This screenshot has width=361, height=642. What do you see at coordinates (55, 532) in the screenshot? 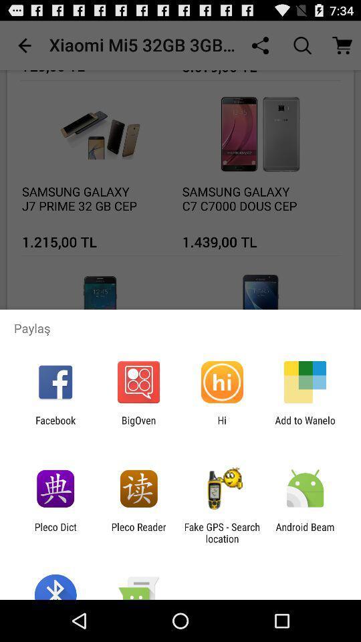
I see `the pleco dict` at bounding box center [55, 532].